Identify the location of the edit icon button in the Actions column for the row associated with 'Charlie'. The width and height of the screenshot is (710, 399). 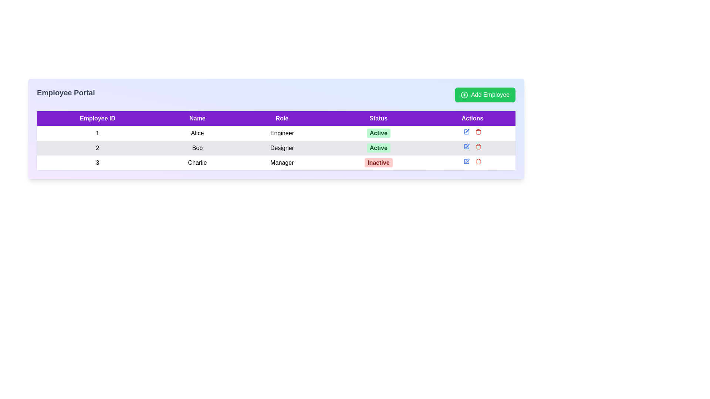
(466, 161).